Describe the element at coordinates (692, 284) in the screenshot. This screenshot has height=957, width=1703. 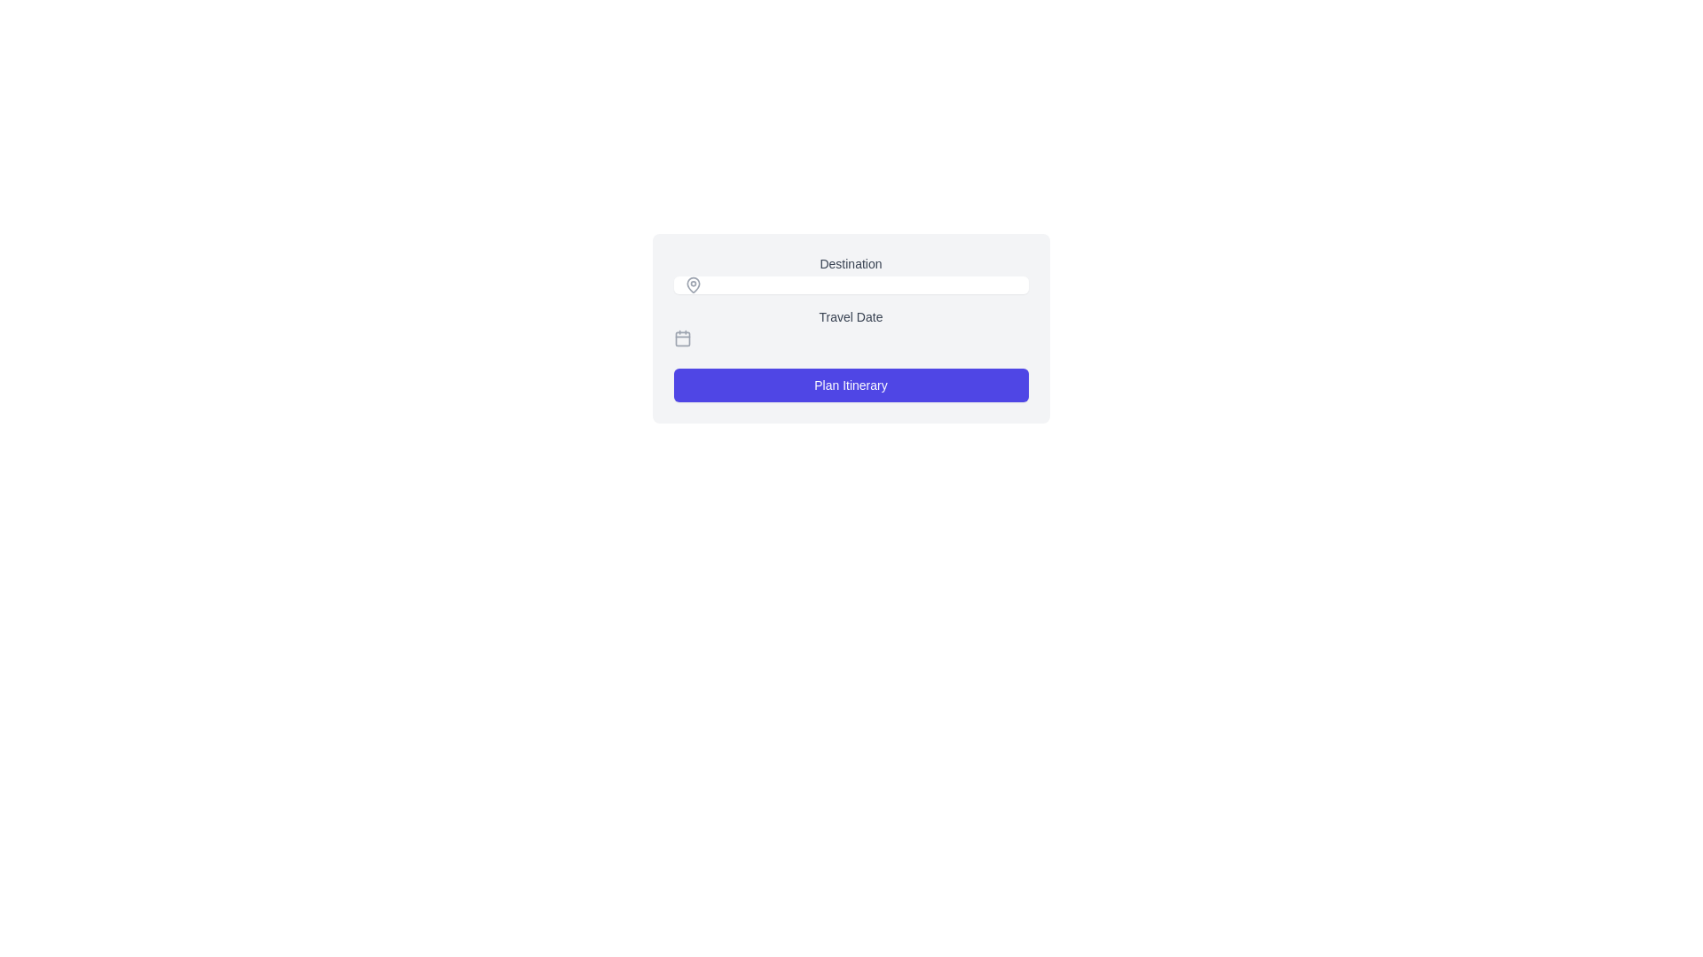
I see `the gray teardrop-shaped pin icon located to the left of the 'Destination' input box` at that location.